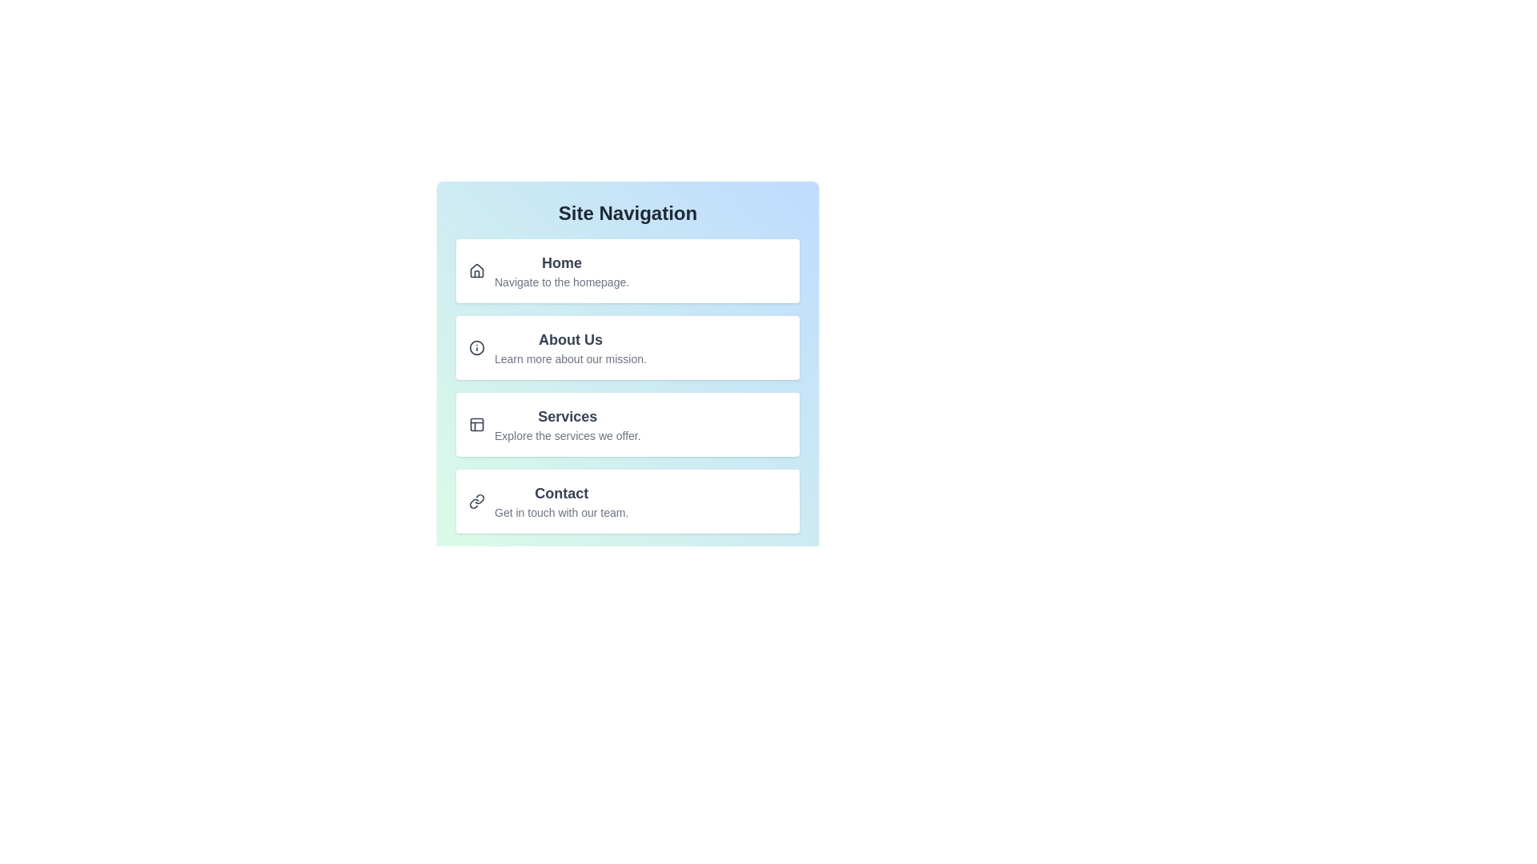 Image resolution: width=1537 pixels, height=864 pixels. What do you see at coordinates (568, 424) in the screenshot?
I see `the 'Services' navigation link, which is the third entry in the vertical navigation menu, positioned below 'About Us' and above 'Contact'` at bounding box center [568, 424].